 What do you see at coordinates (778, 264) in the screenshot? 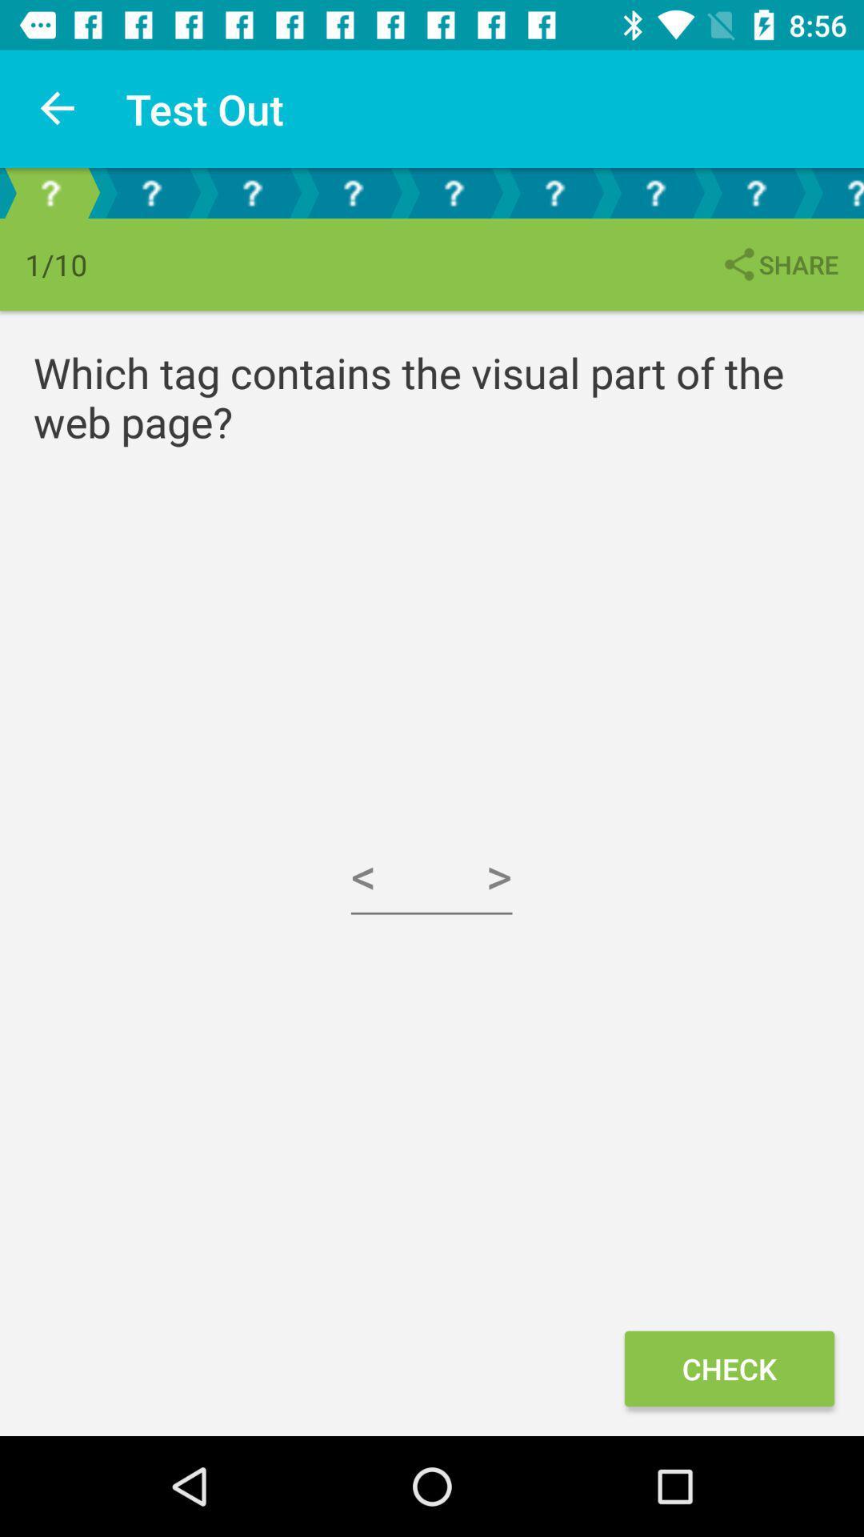
I see `item above the which tag contains` at bounding box center [778, 264].